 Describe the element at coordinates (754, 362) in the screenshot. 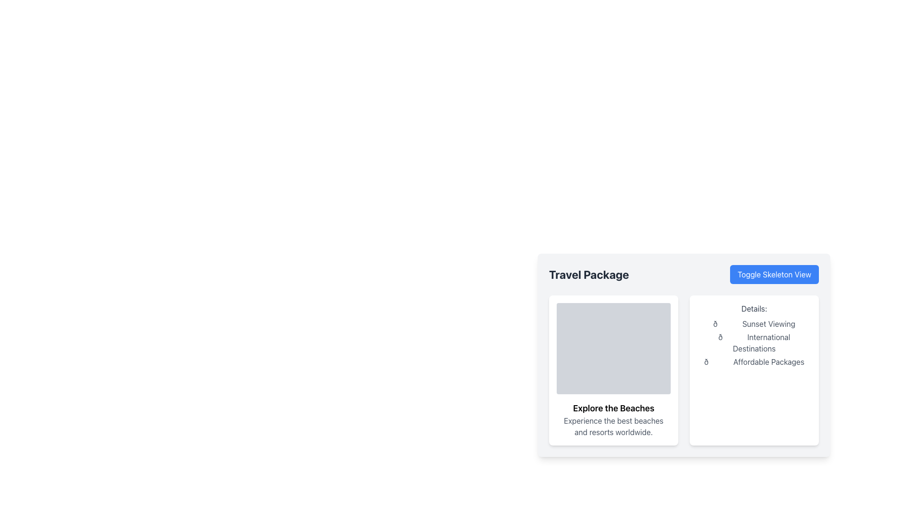

I see `the Text Label element displaying '🌞 Affordable Packages', which is the third item in a vertical list under the 'Details' heading` at that location.